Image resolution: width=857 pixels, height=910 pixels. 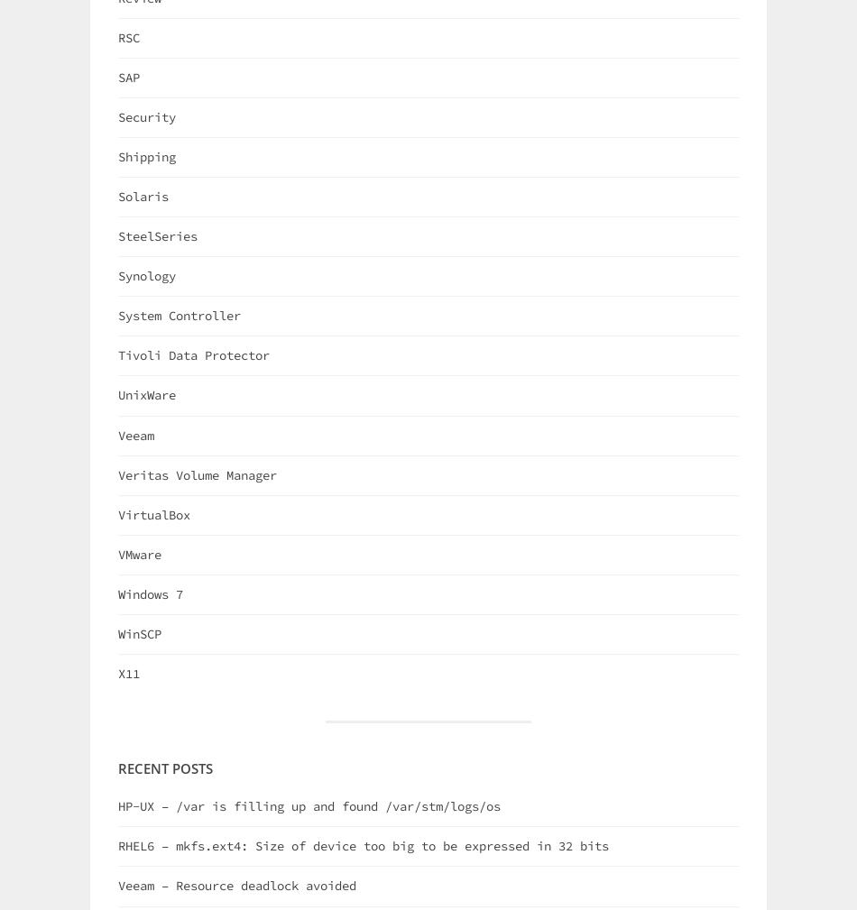 What do you see at coordinates (143, 196) in the screenshot?
I see `'Solaris'` at bounding box center [143, 196].